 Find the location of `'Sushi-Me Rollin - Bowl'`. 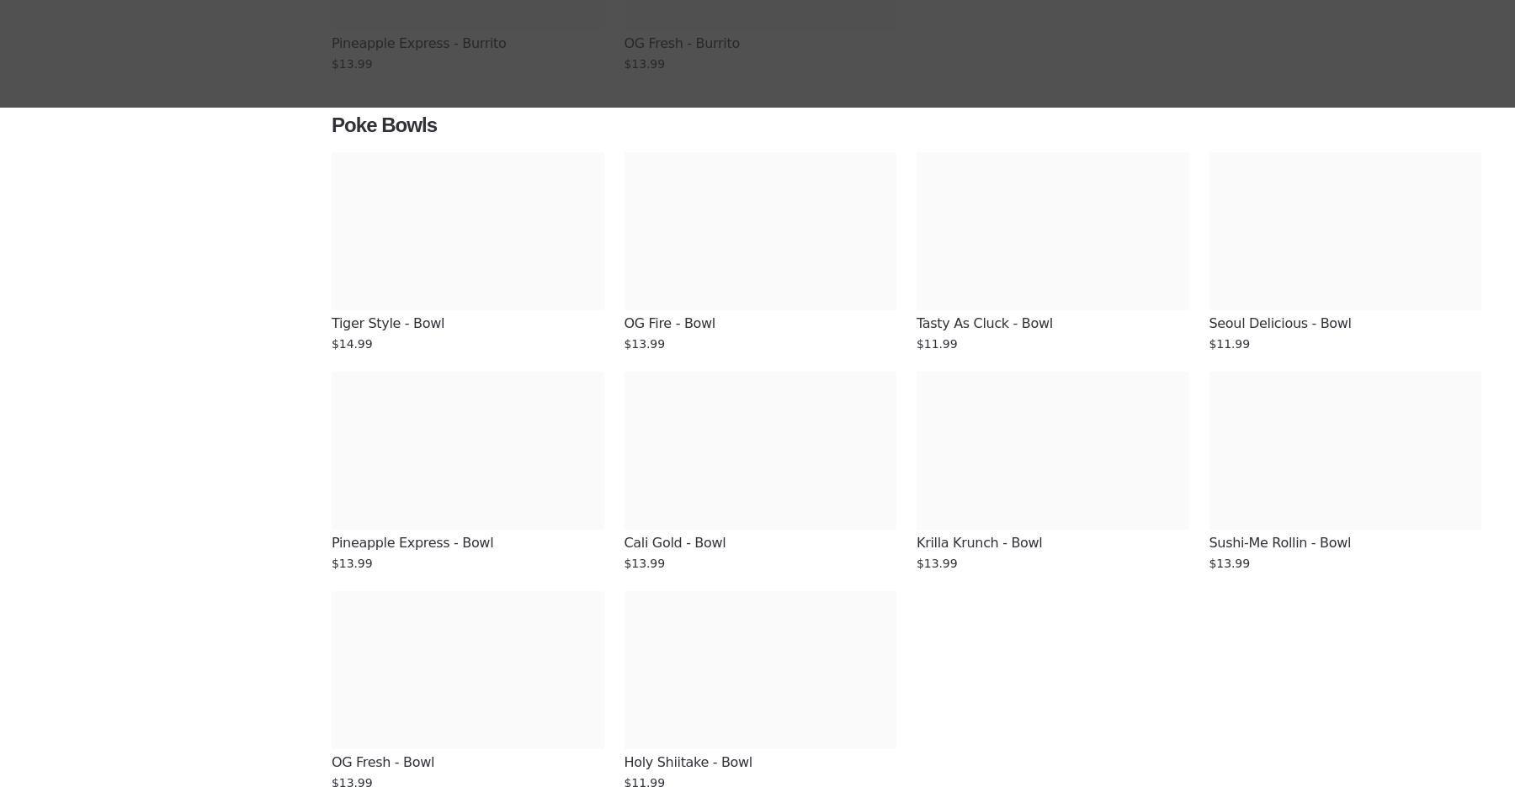

'Sushi-Me Rollin - Bowl' is located at coordinates (1279, 541).